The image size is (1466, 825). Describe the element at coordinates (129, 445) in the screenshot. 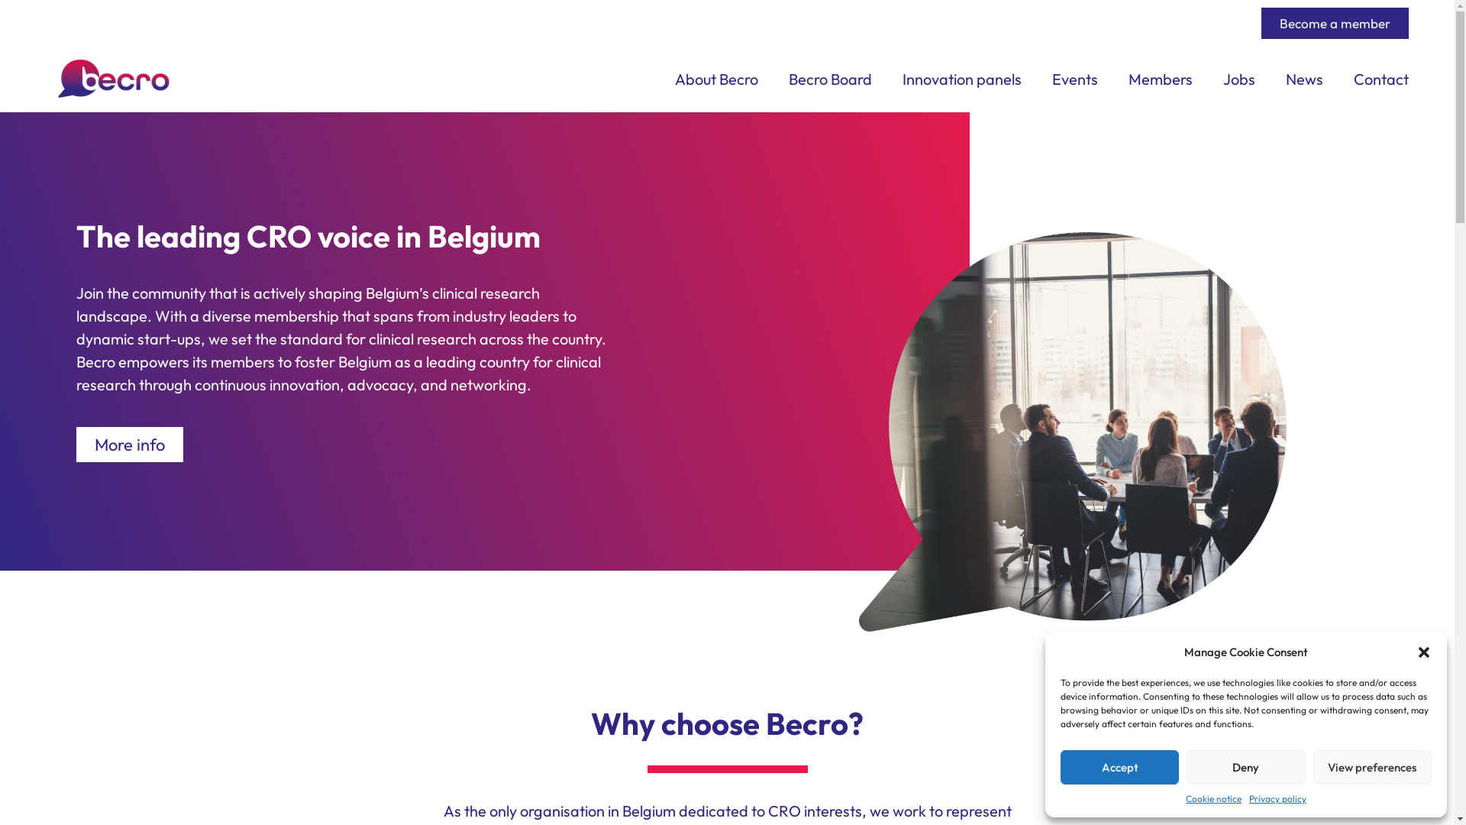

I see `'More info'` at that location.